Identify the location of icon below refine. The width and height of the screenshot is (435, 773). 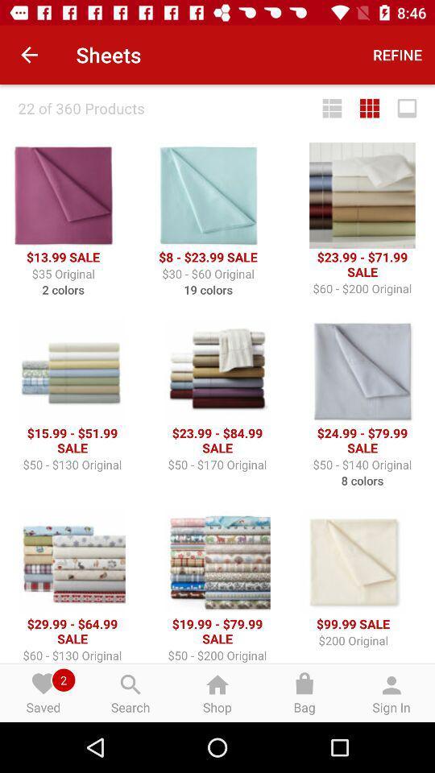
(370, 107).